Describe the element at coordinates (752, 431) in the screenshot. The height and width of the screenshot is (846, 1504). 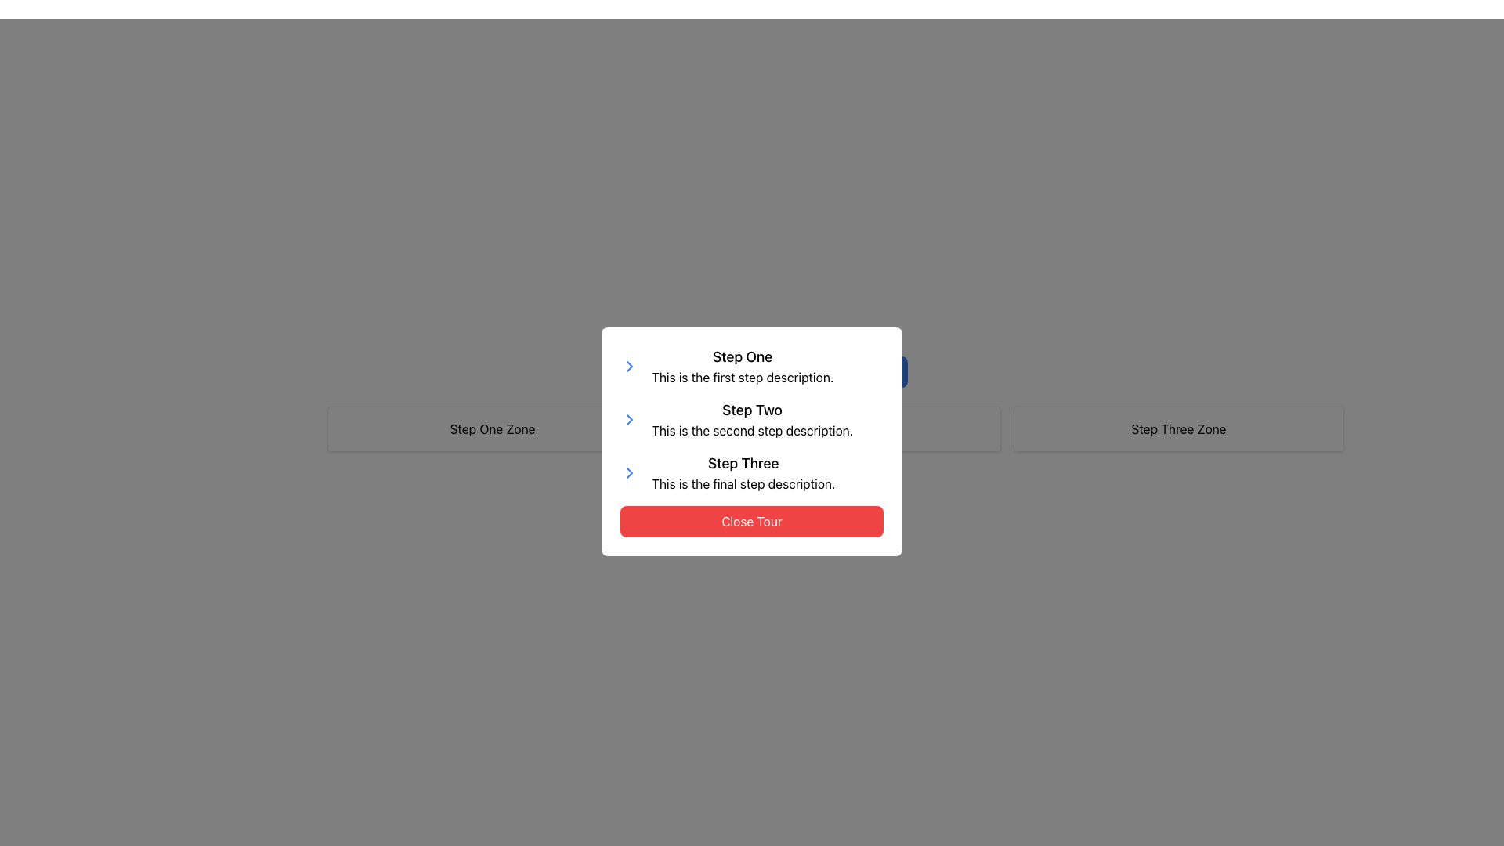
I see `the explanatory static text related to 'Step Two' in the central modal box to potentially reveal additional information` at that location.